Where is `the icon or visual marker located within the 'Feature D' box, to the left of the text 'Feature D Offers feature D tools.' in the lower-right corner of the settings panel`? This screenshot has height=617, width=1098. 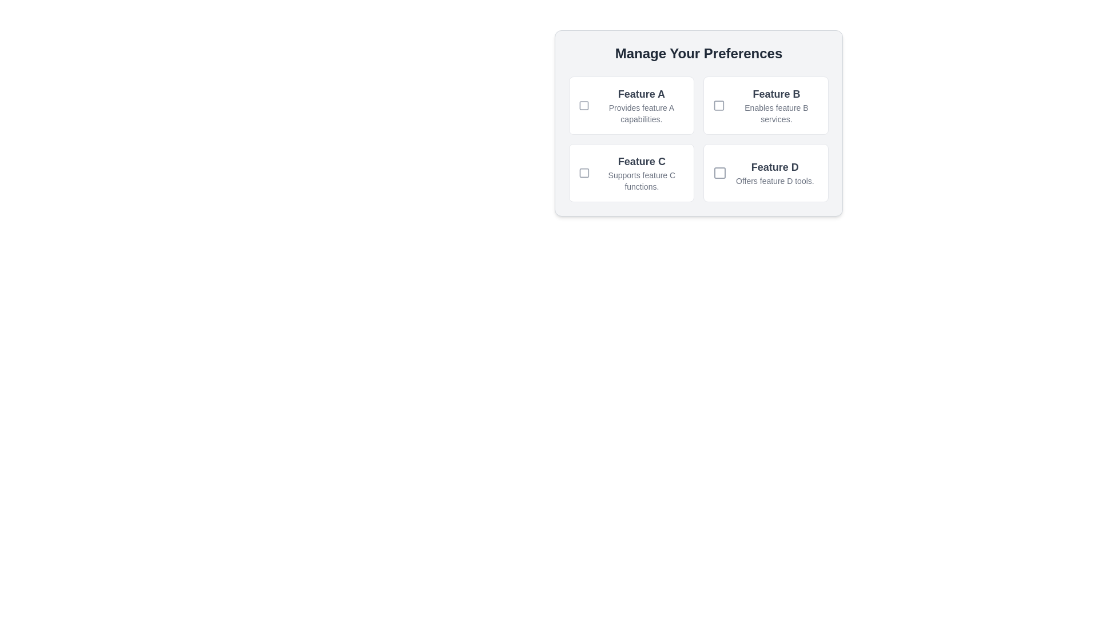 the icon or visual marker located within the 'Feature D' box, to the left of the text 'Feature D Offers feature D tools.' in the lower-right corner of the settings panel is located at coordinates (719, 173).